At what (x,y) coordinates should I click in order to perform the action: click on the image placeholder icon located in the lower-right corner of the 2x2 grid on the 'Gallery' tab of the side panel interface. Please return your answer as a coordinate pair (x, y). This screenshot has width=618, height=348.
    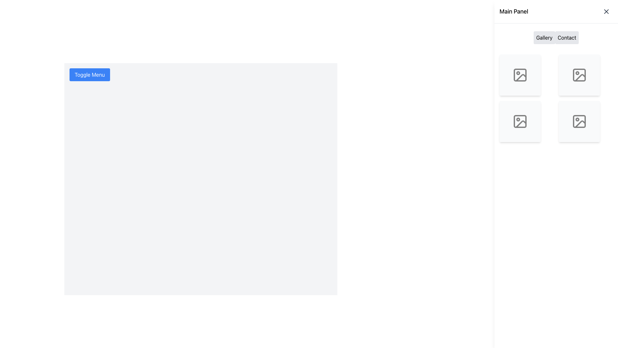
    Looking at the image, I should click on (579, 121).